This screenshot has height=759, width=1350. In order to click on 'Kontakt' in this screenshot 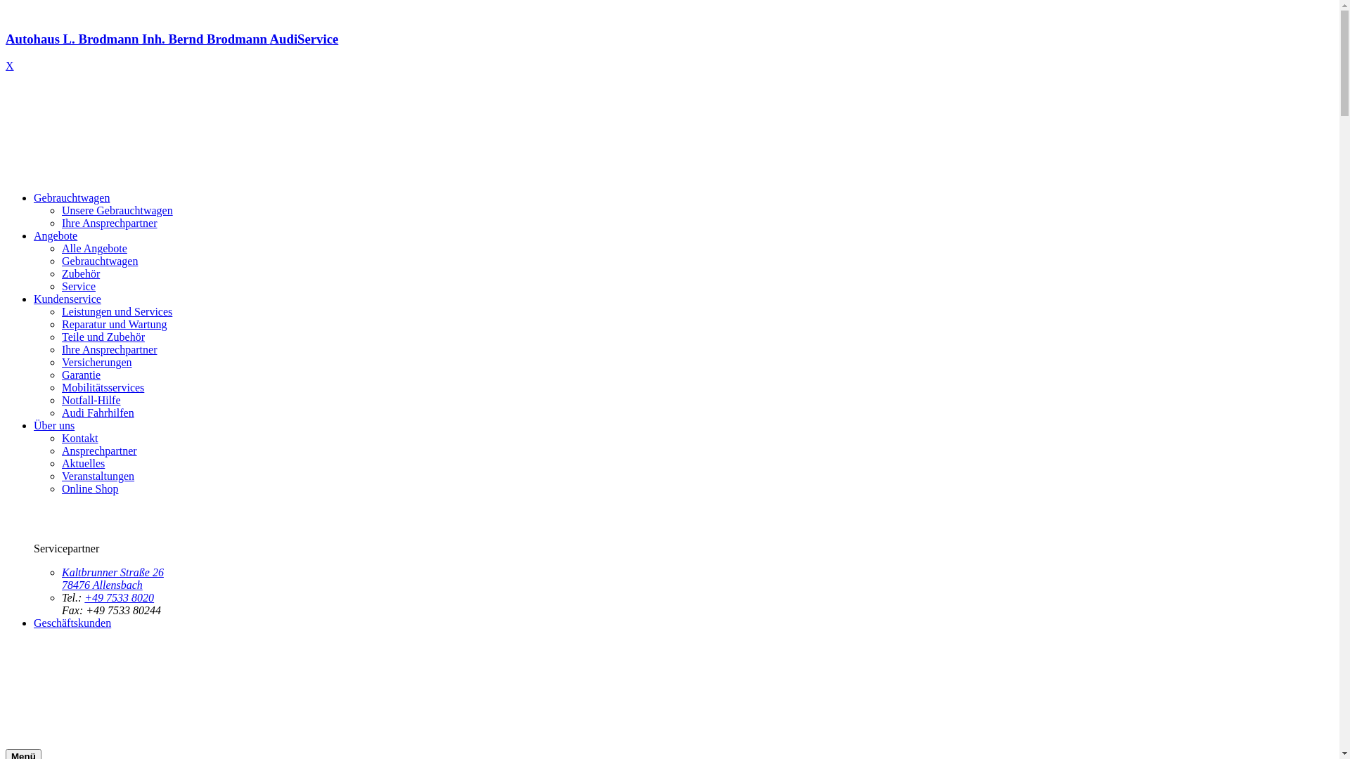, I will do `click(79, 437)`.